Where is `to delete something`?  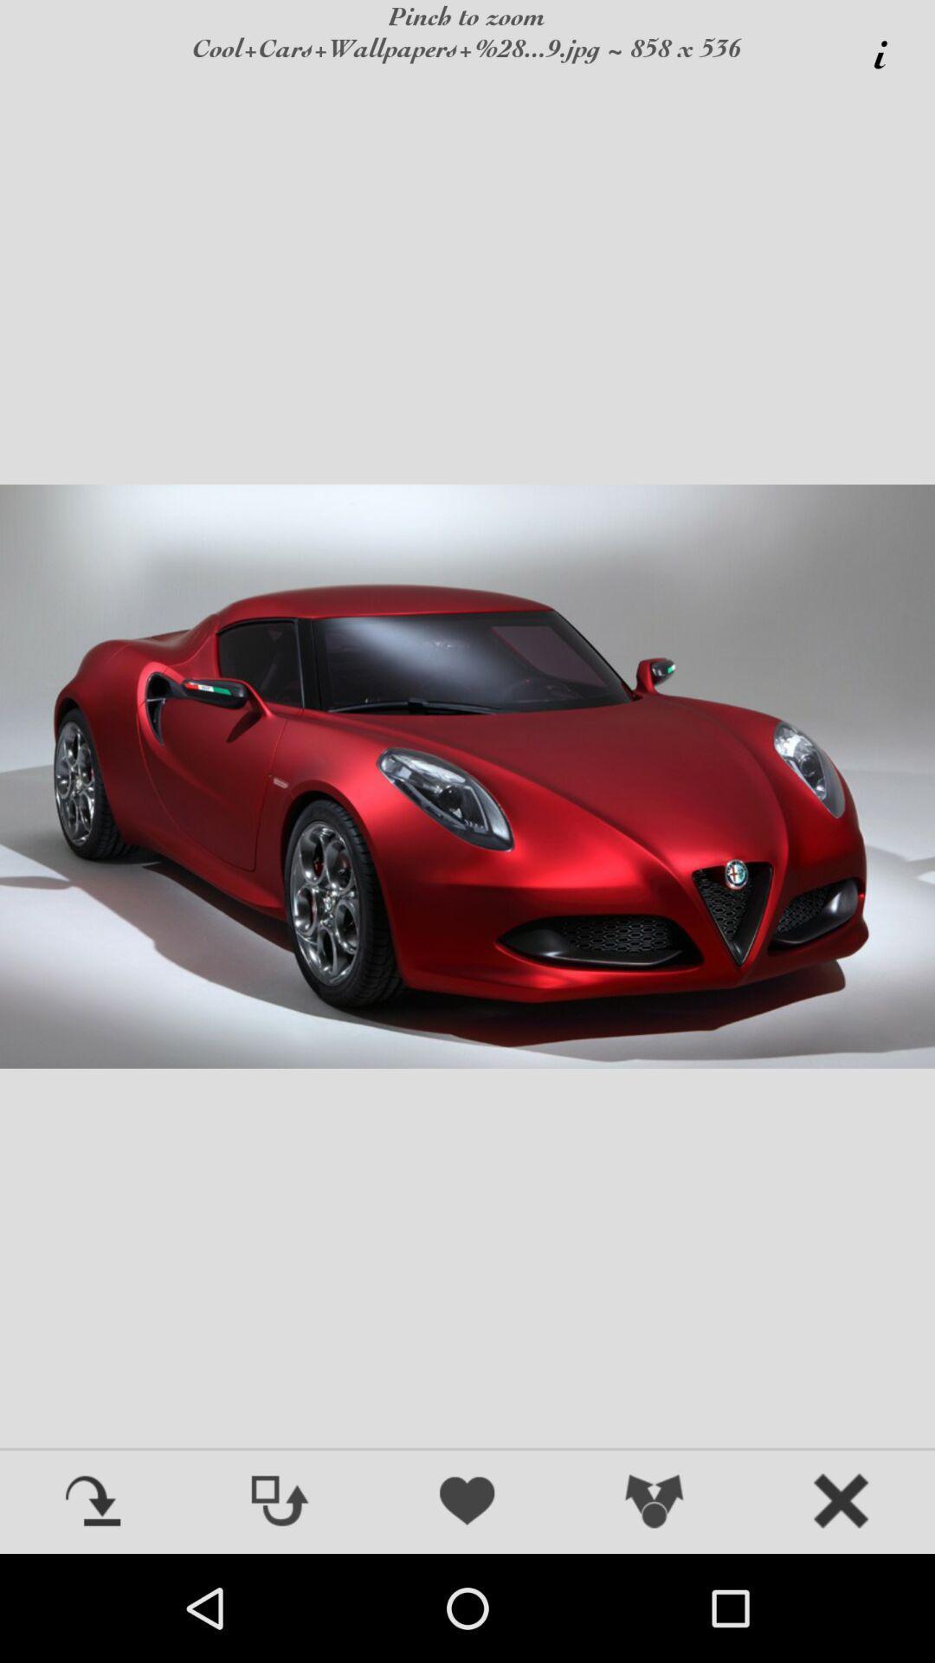
to delete something is located at coordinates (841, 1502).